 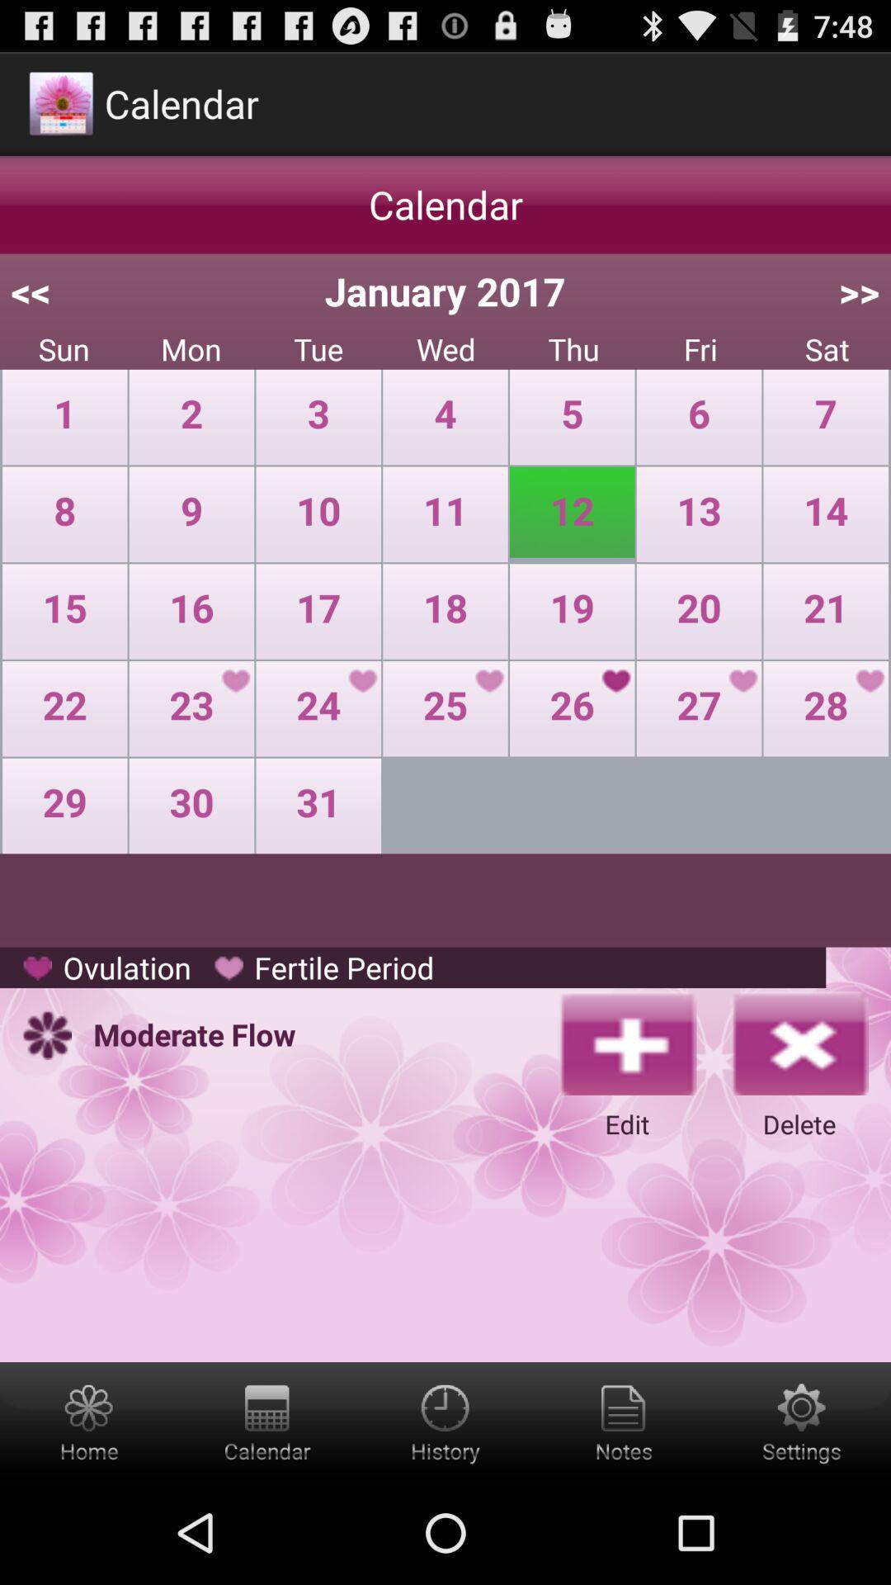 I want to click on the settings, so click(x=801, y=1421).